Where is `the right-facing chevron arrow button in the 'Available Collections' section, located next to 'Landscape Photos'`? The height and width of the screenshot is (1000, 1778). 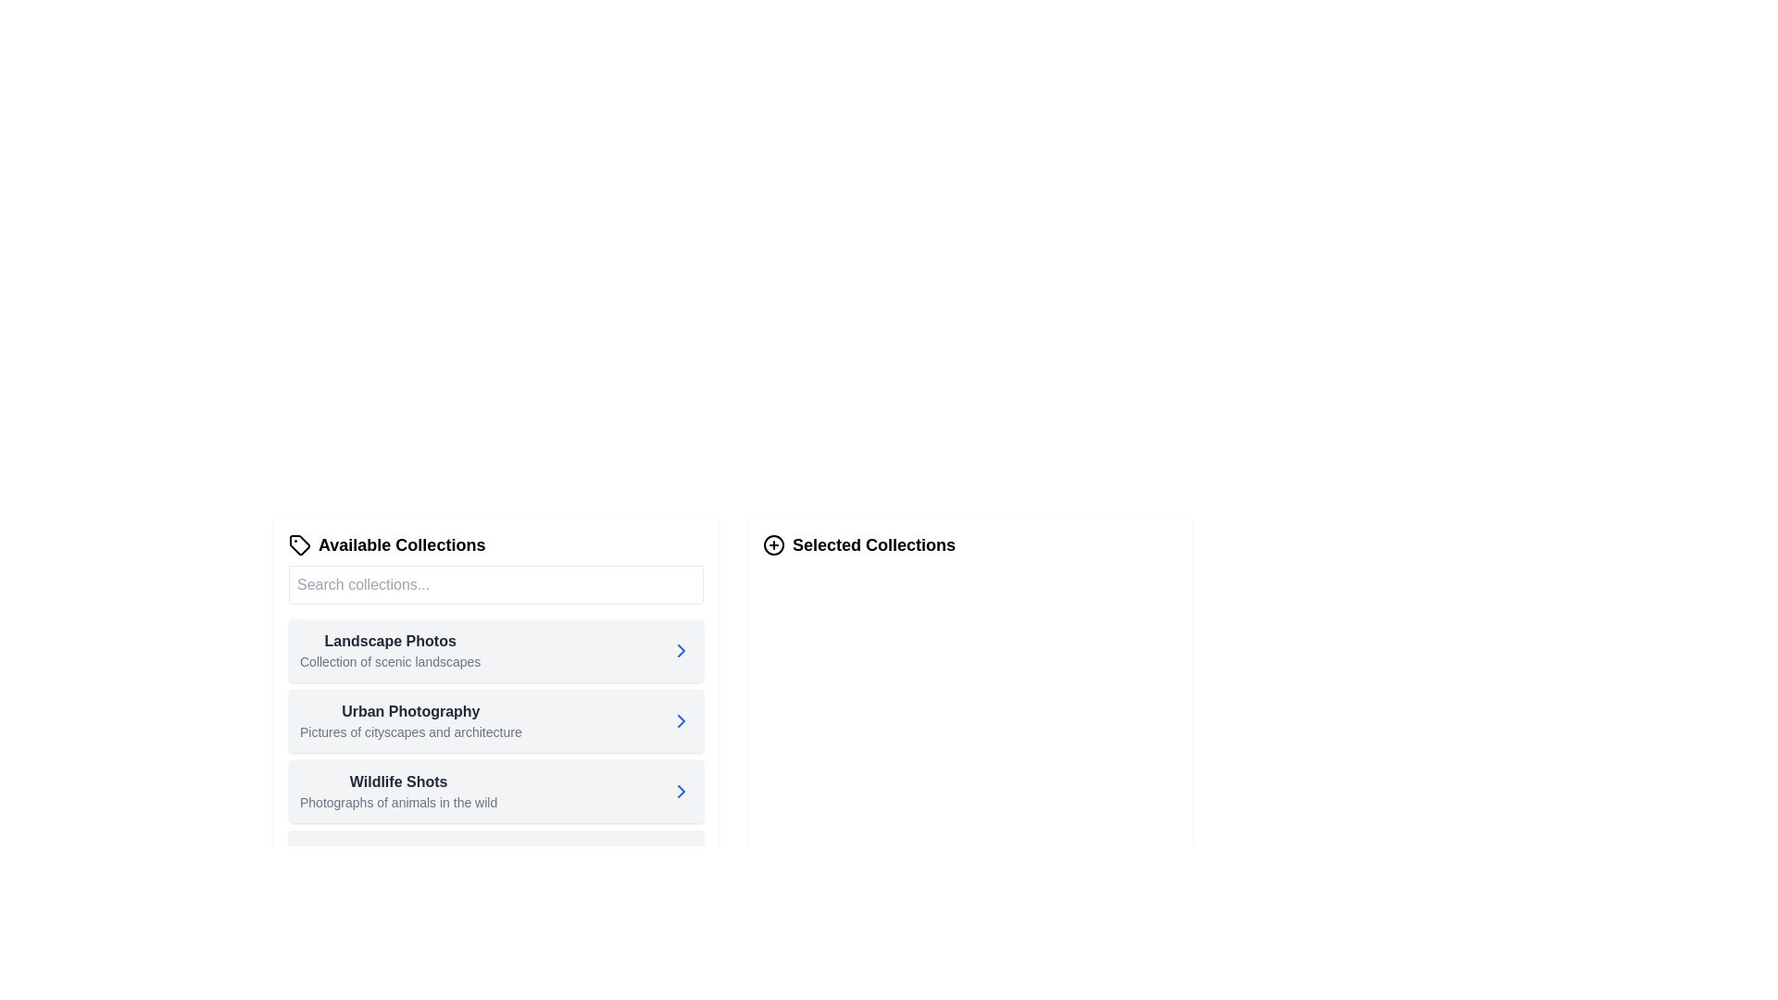 the right-facing chevron arrow button in the 'Available Collections' section, located next to 'Landscape Photos' is located at coordinates (680, 649).